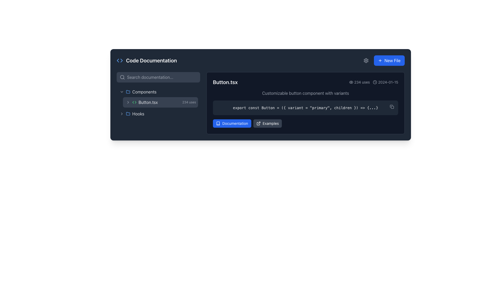 This screenshot has height=282, width=501. What do you see at coordinates (122, 77) in the screenshot?
I see `the inner circle of the magnifying glass icon located in the search bar section at the top-left corner of the central content area` at bounding box center [122, 77].